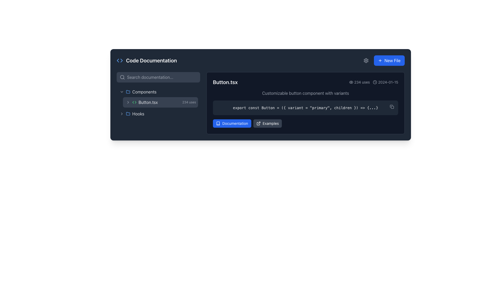 This screenshot has height=282, width=501. What do you see at coordinates (122, 77) in the screenshot?
I see `the inner circle of the magnifying glass icon located in the search bar section at the top-left corner of the central content area` at bounding box center [122, 77].